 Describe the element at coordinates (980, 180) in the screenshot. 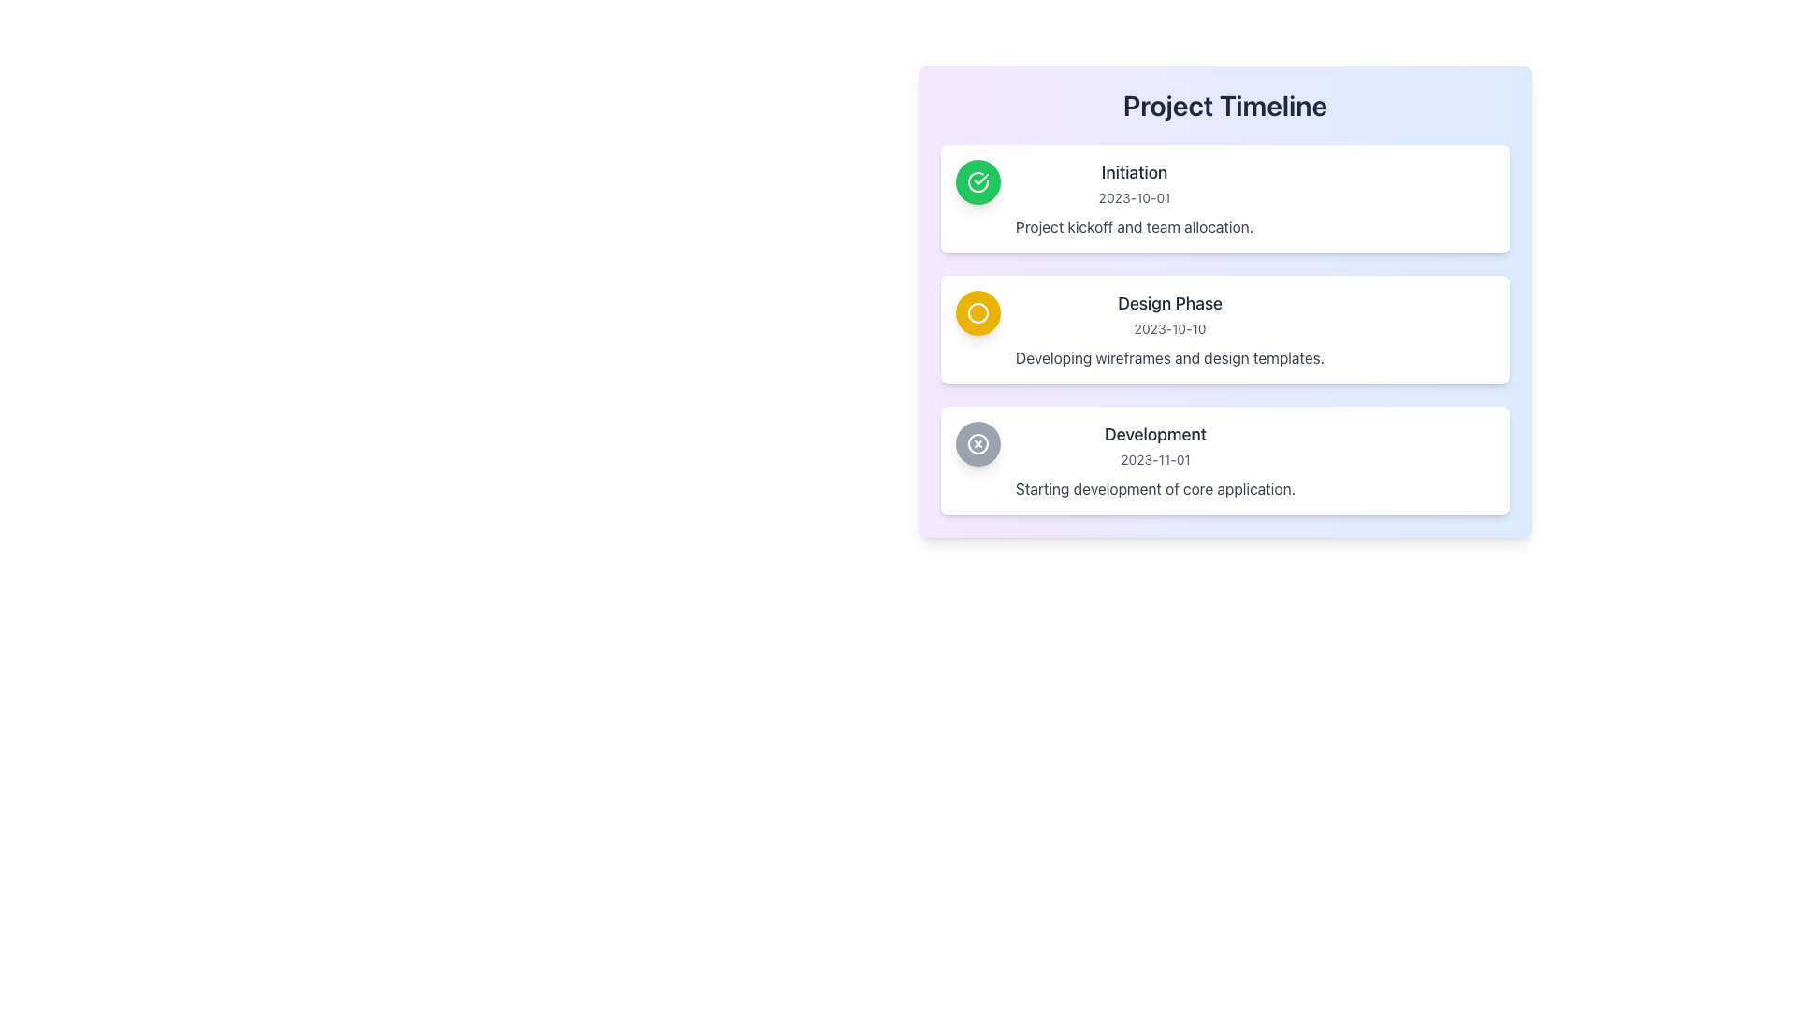

I see `the green and white checkmark-shaped icon within a circular graphic located on the left side of the 'Initiation' section in the outlined timeline` at that location.